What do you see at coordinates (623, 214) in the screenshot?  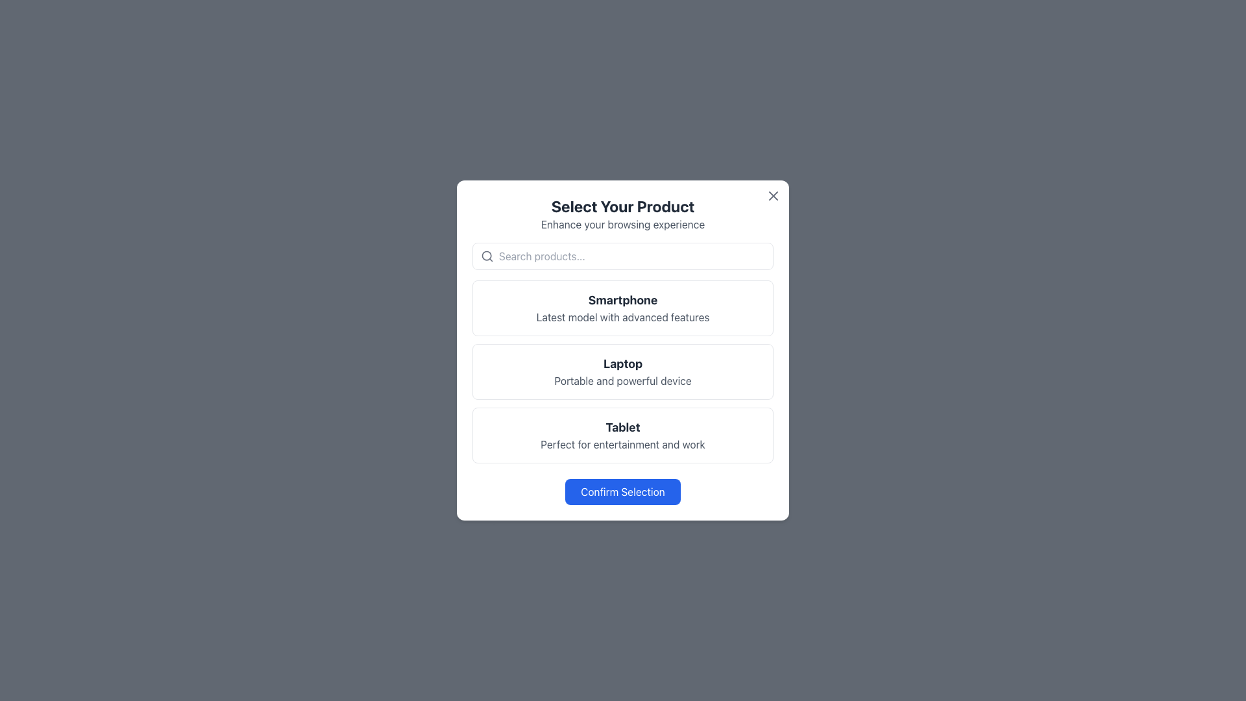 I see `the label that reads 'Select Your Product' in a large bold font, located near the top of a centered panel, directly below the close button and above the search box` at bounding box center [623, 214].